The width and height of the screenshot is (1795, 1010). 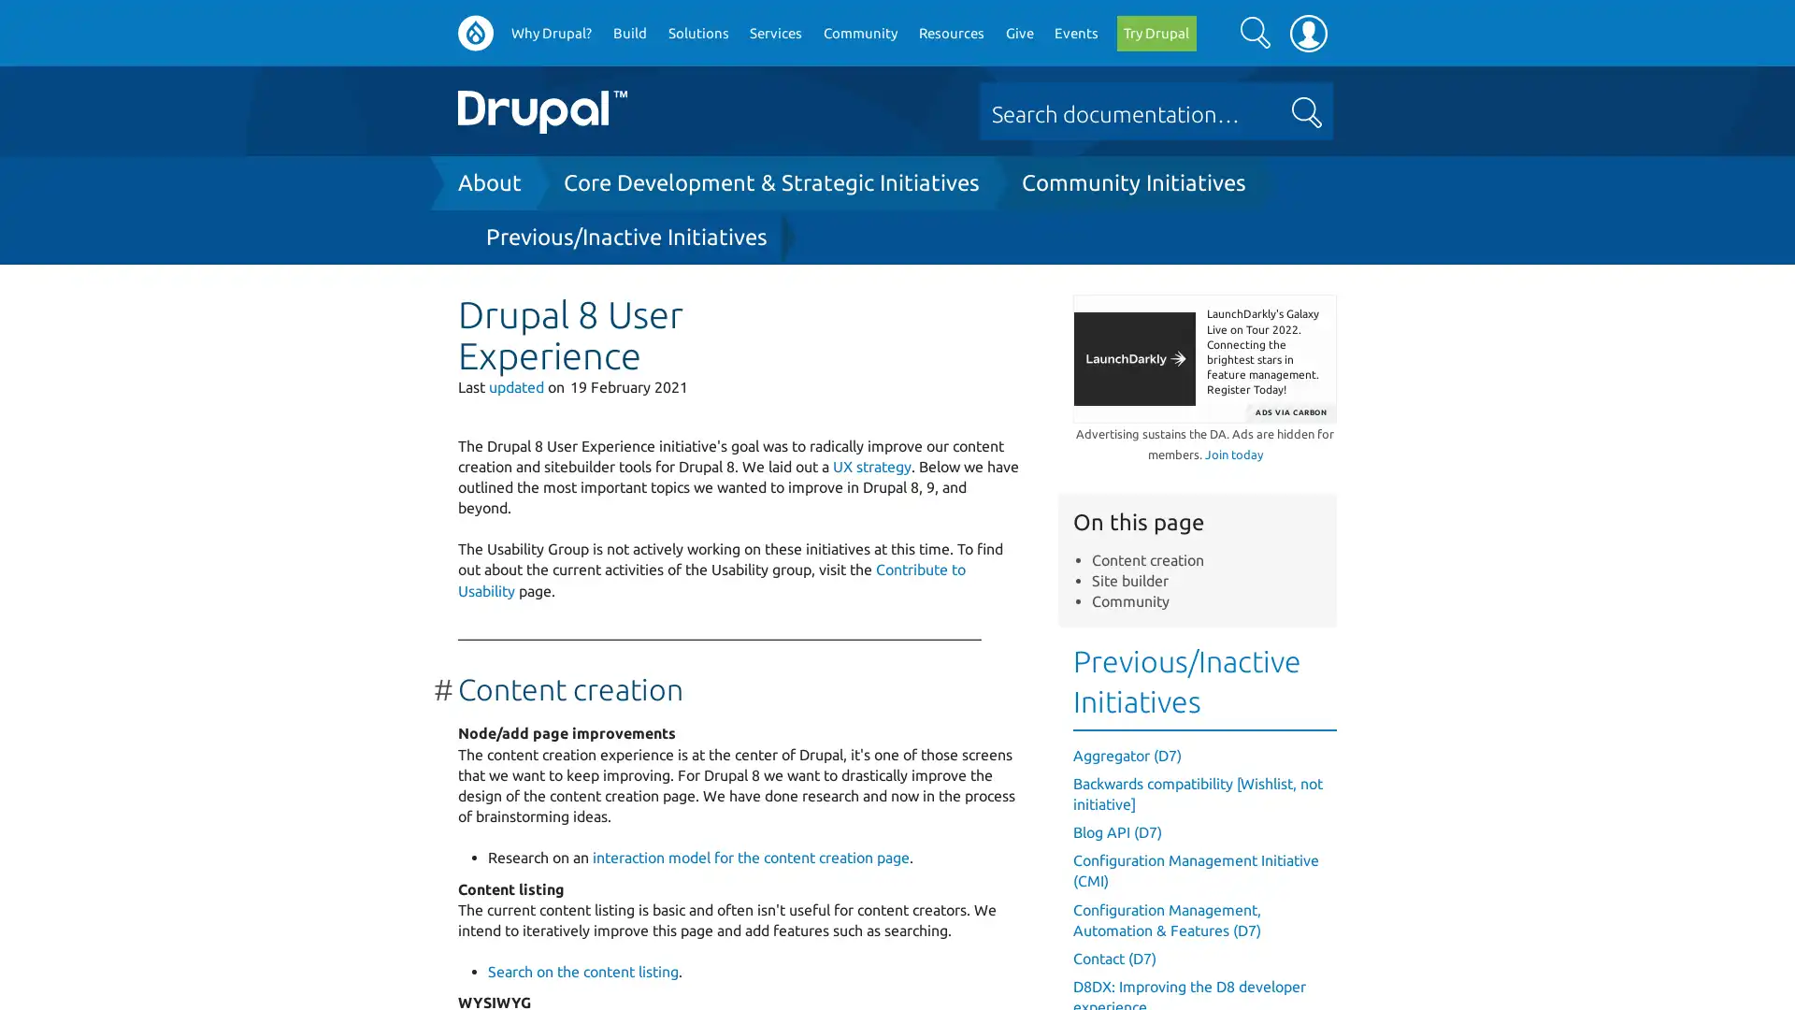 What do you see at coordinates (1305, 112) in the screenshot?
I see `Search` at bounding box center [1305, 112].